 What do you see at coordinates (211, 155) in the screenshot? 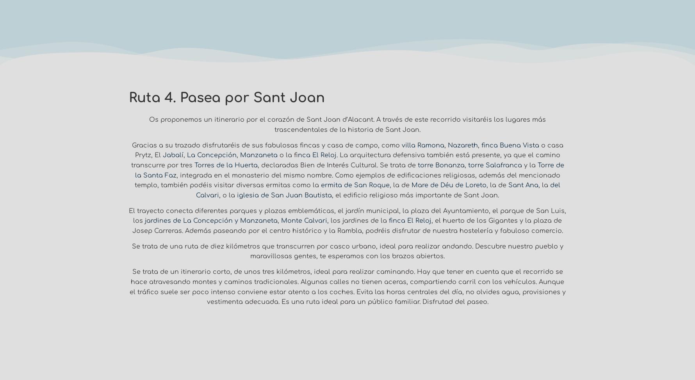
I see `'La Concepción'` at bounding box center [211, 155].